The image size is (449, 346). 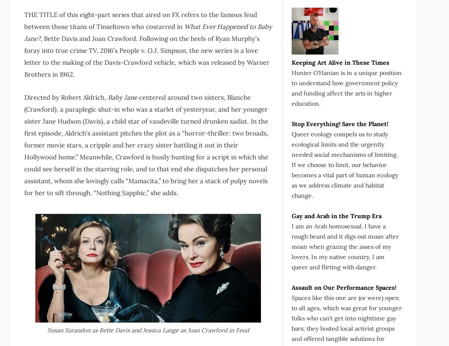 I want to click on 'Susan Sarandon as Bette Davis and Jessica Lange as Joan Crawford in Feud', so click(x=148, y=330).